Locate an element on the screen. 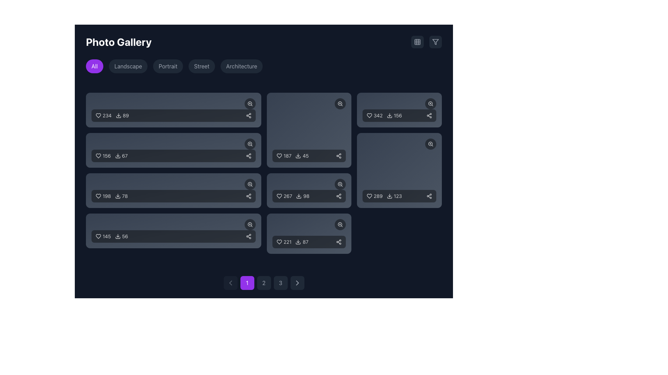  the information display box located in the third row, first column of the grid layout is located at coordinates (173, 196).